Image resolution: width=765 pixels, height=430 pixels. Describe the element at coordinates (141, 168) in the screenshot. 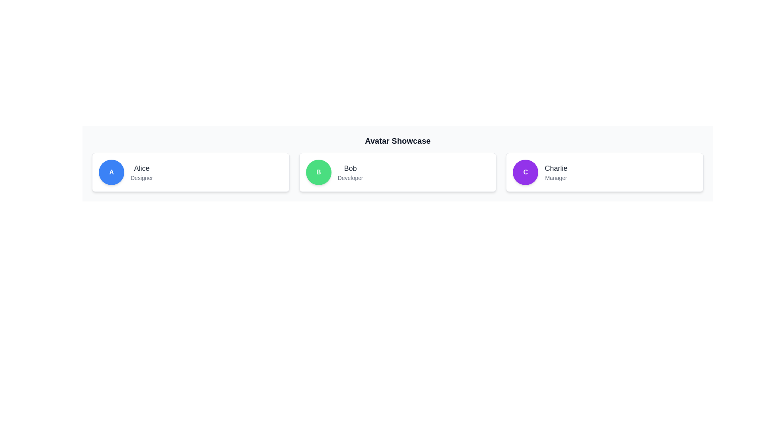

I see `text label representing the user's name, located above the 'Designer' text within the leftmost user card` at that location.